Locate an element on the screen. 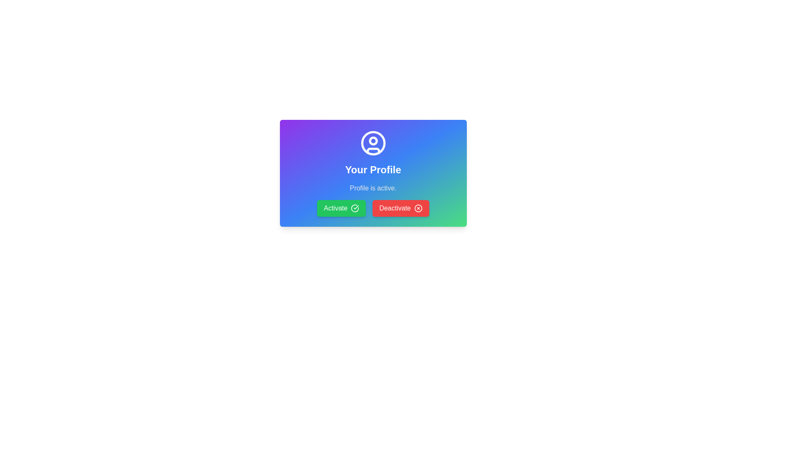  the informative message text that communicates the current status of the user's profile, which is located beneath the 'Your Profile' header and above the 'Activate' and 'Deactivate' buttons is located at coordinates (373, 188).